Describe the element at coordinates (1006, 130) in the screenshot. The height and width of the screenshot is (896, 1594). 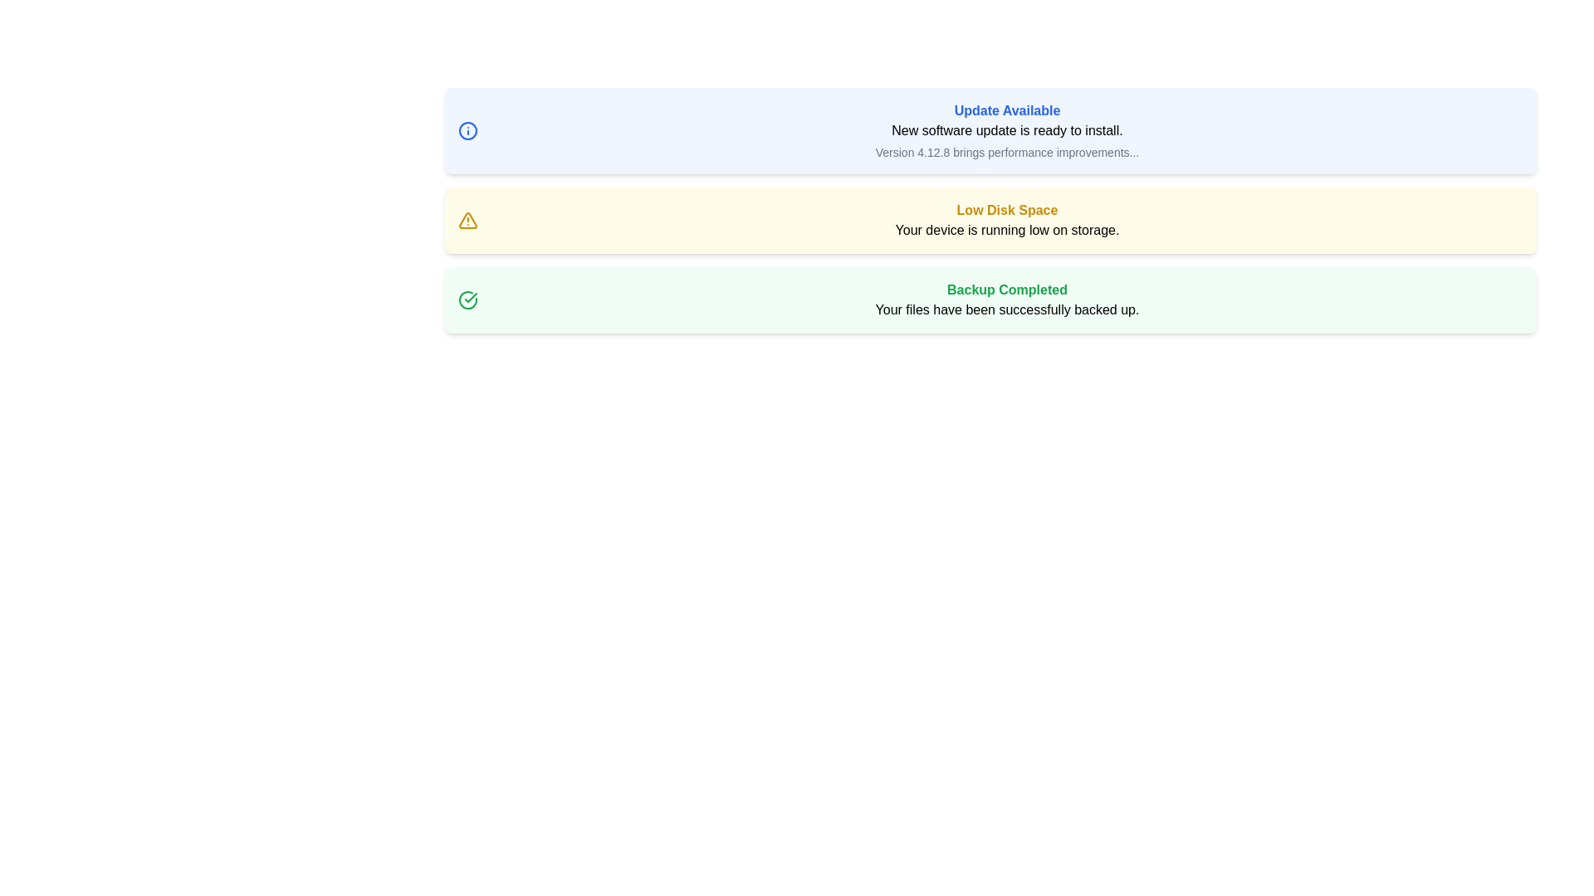
I see `the text element that states 'New software update is ready to install.', which is located below the title 'Update Available' and above the description 'Version 4.12.8 brings performance improvements...'` at that location.